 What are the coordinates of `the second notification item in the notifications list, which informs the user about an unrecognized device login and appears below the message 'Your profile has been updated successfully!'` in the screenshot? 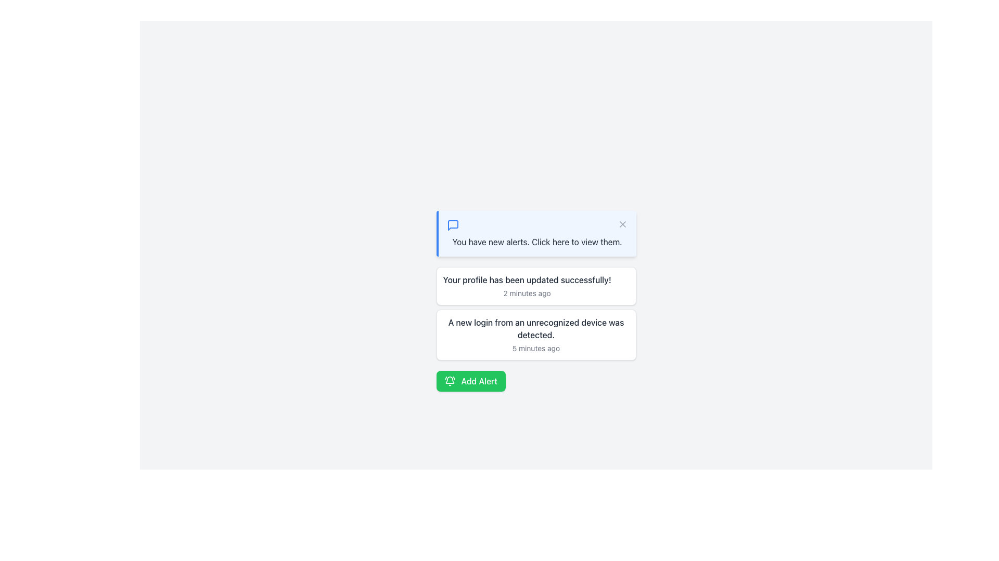 It's located at (536, 335).